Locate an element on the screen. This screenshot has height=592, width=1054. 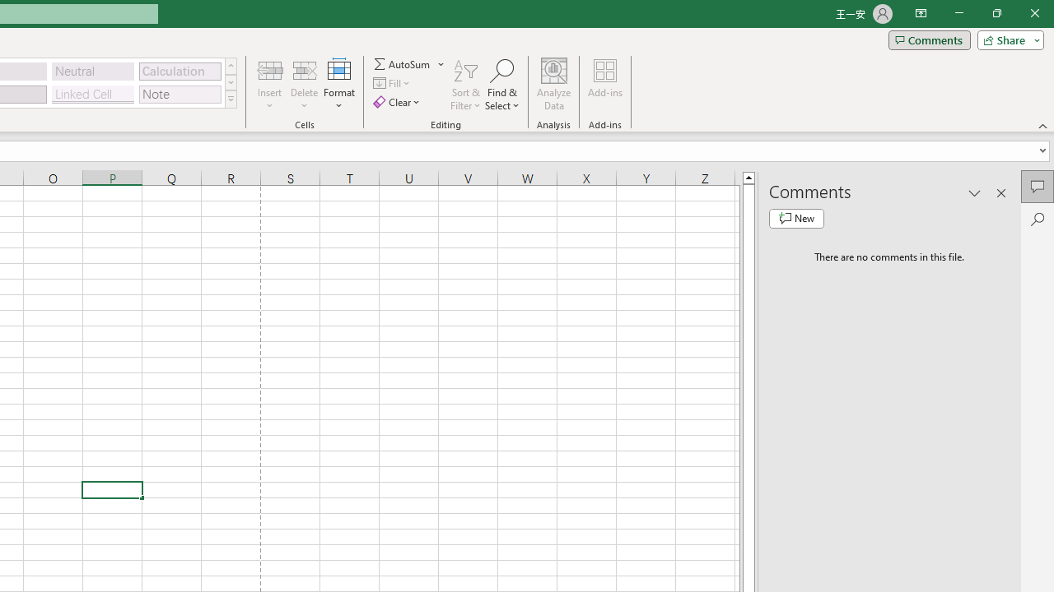
'Restore Down' is located at coordinates (996, 13).